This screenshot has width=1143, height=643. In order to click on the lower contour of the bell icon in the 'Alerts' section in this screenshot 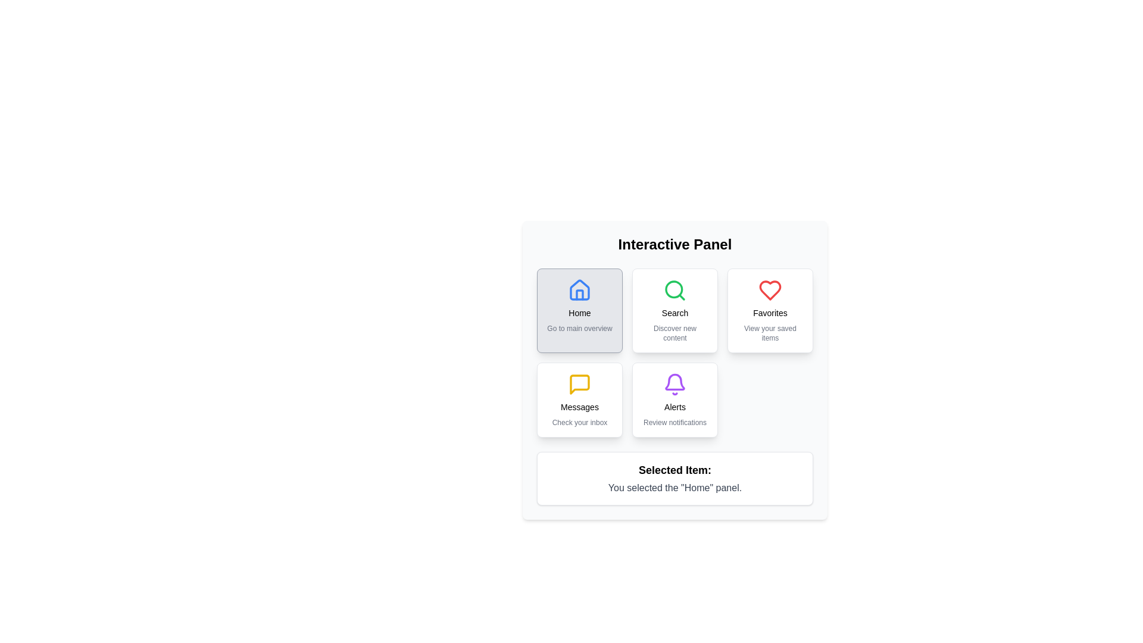, I will do `click(674, 382)`.